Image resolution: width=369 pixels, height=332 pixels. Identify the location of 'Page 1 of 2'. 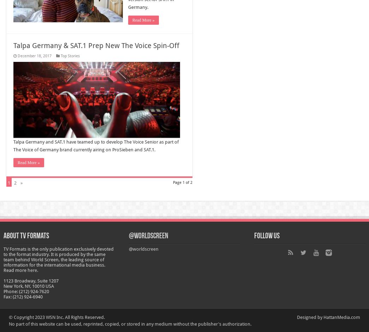
(173, 182).